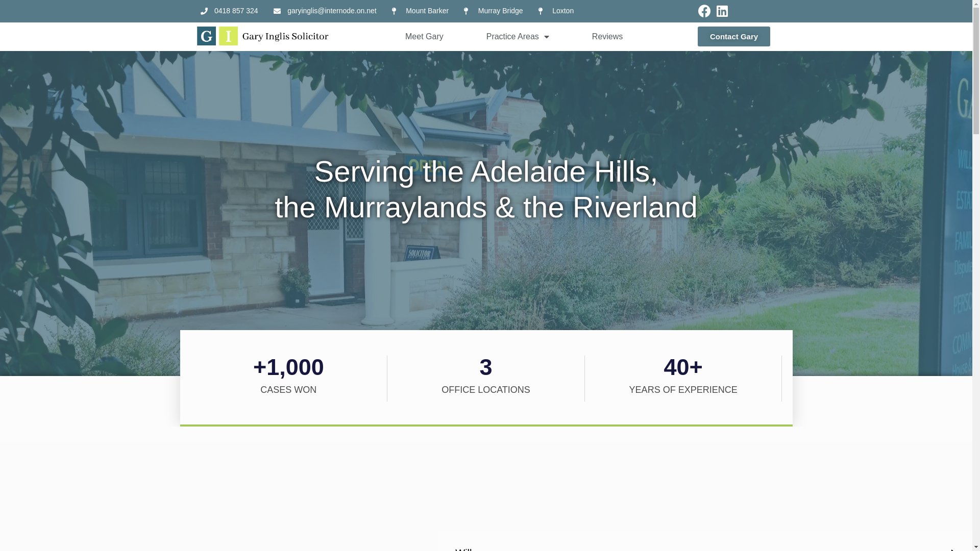  Describe the element at coordinates (555, 11) in the screenshot. I see `'Loxton'` at that location.